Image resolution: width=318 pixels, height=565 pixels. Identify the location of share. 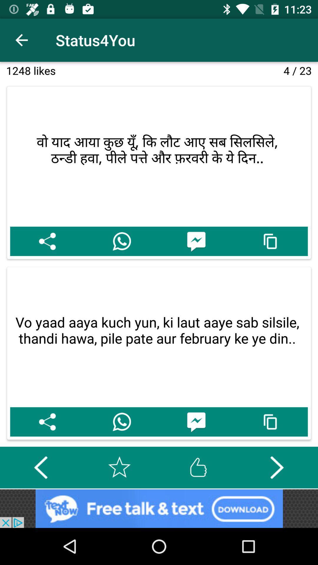
(47, 421).